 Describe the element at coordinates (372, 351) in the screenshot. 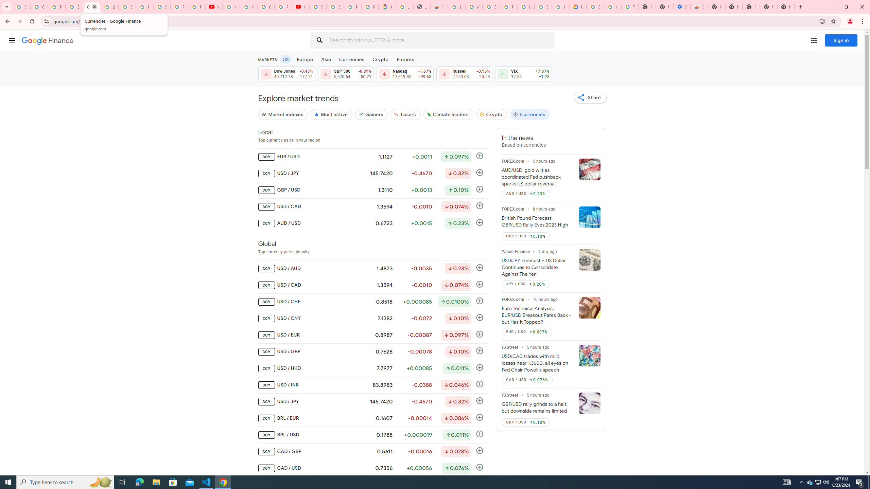

I see `'CCY USD / GBP 0.7628 -0.00078 Down by 0.078% Follow'` at that location.